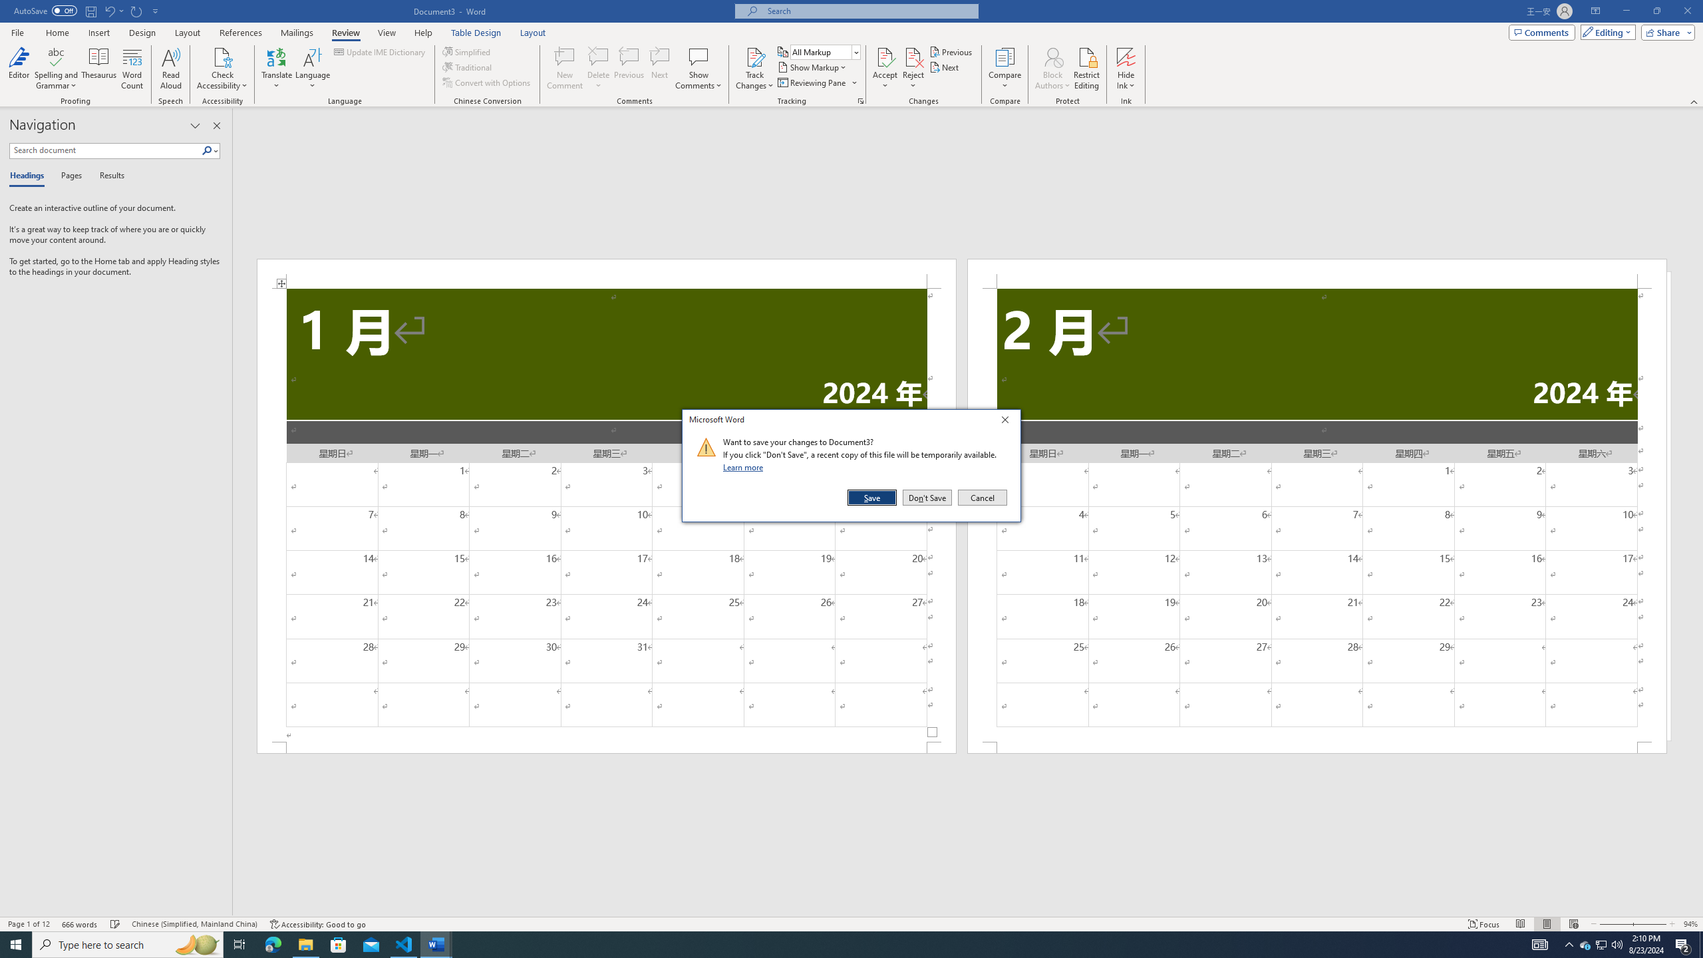 The width and height of the screenshot is (1703, 958). I want to click on 'Reviewing Pane', so click(812, 81).